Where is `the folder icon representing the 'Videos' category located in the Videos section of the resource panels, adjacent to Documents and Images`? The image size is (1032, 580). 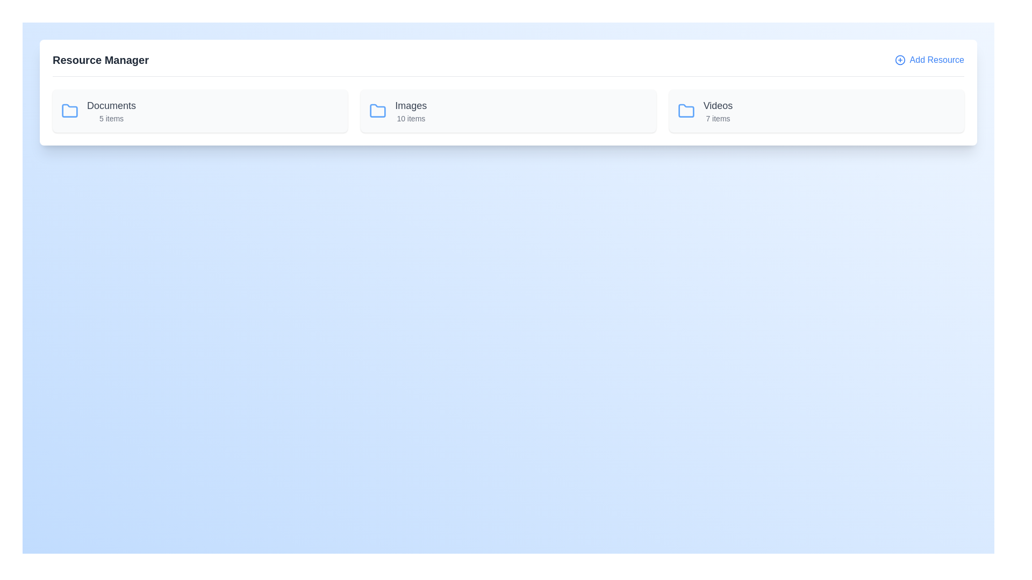 the folder icon representing the 'Videos' category located in the Videos section of the resource panels, adjacent to Documents and Images is located at coordinates (685, 111).